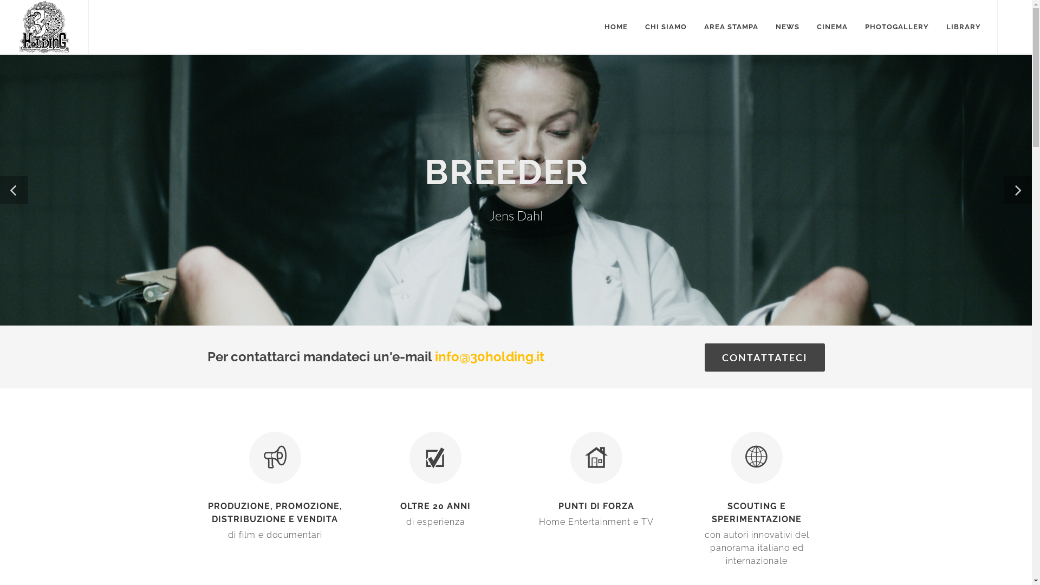 This screenshot has width=1040, height=585. I want to click on 'PHOTOGALLERY', so click(897, 27).